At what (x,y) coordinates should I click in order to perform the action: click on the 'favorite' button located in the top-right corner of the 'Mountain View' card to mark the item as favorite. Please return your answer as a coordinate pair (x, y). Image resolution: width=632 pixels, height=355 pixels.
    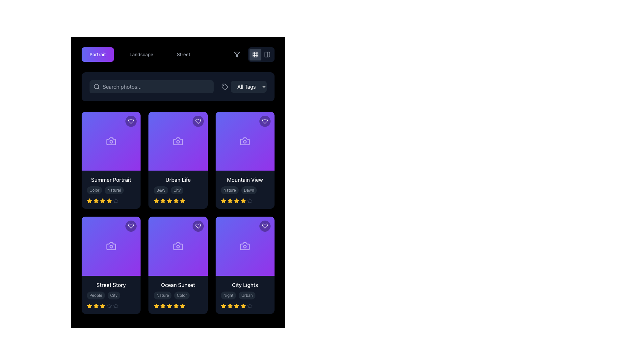
    Looking at the image, I should click on (265, 121).